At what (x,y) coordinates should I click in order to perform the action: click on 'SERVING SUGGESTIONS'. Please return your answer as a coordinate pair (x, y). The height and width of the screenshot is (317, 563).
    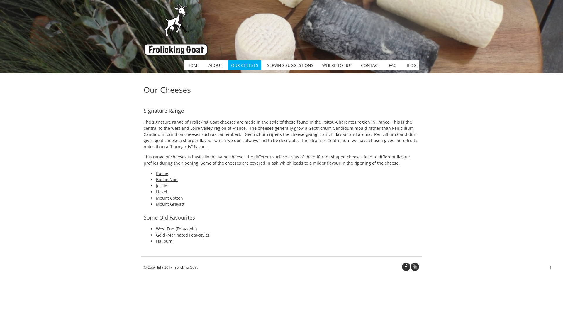
    Looking at the image, I should click on (290, 65).